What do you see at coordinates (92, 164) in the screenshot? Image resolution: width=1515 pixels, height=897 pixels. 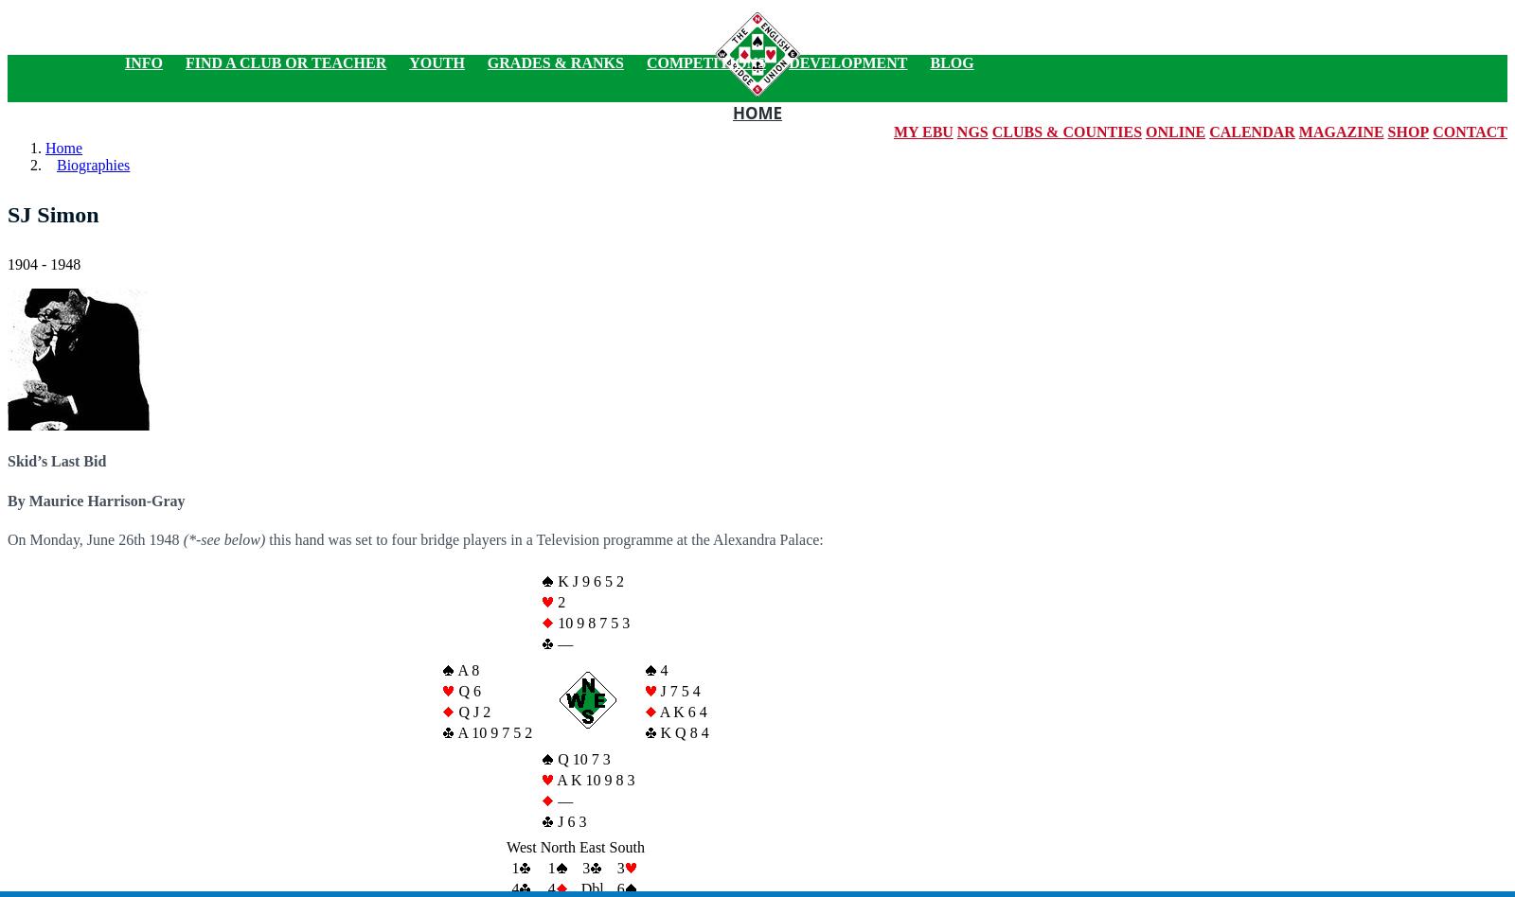 I see `'Biographies'` at bounding box center [92, 164].